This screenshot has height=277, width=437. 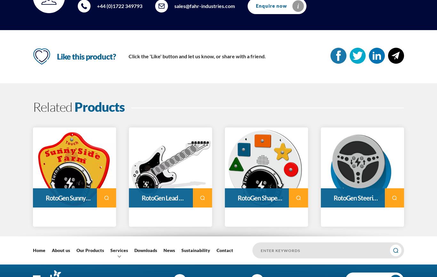 What do you see at coordinates (53, 107) in the screenshot?
I see `'Related'` at bounding box center [53, 107].